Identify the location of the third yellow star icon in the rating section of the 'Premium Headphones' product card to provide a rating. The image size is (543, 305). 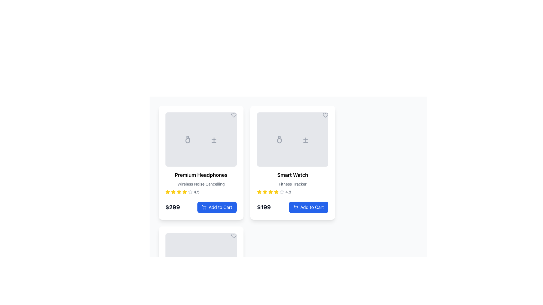
(167, 191).